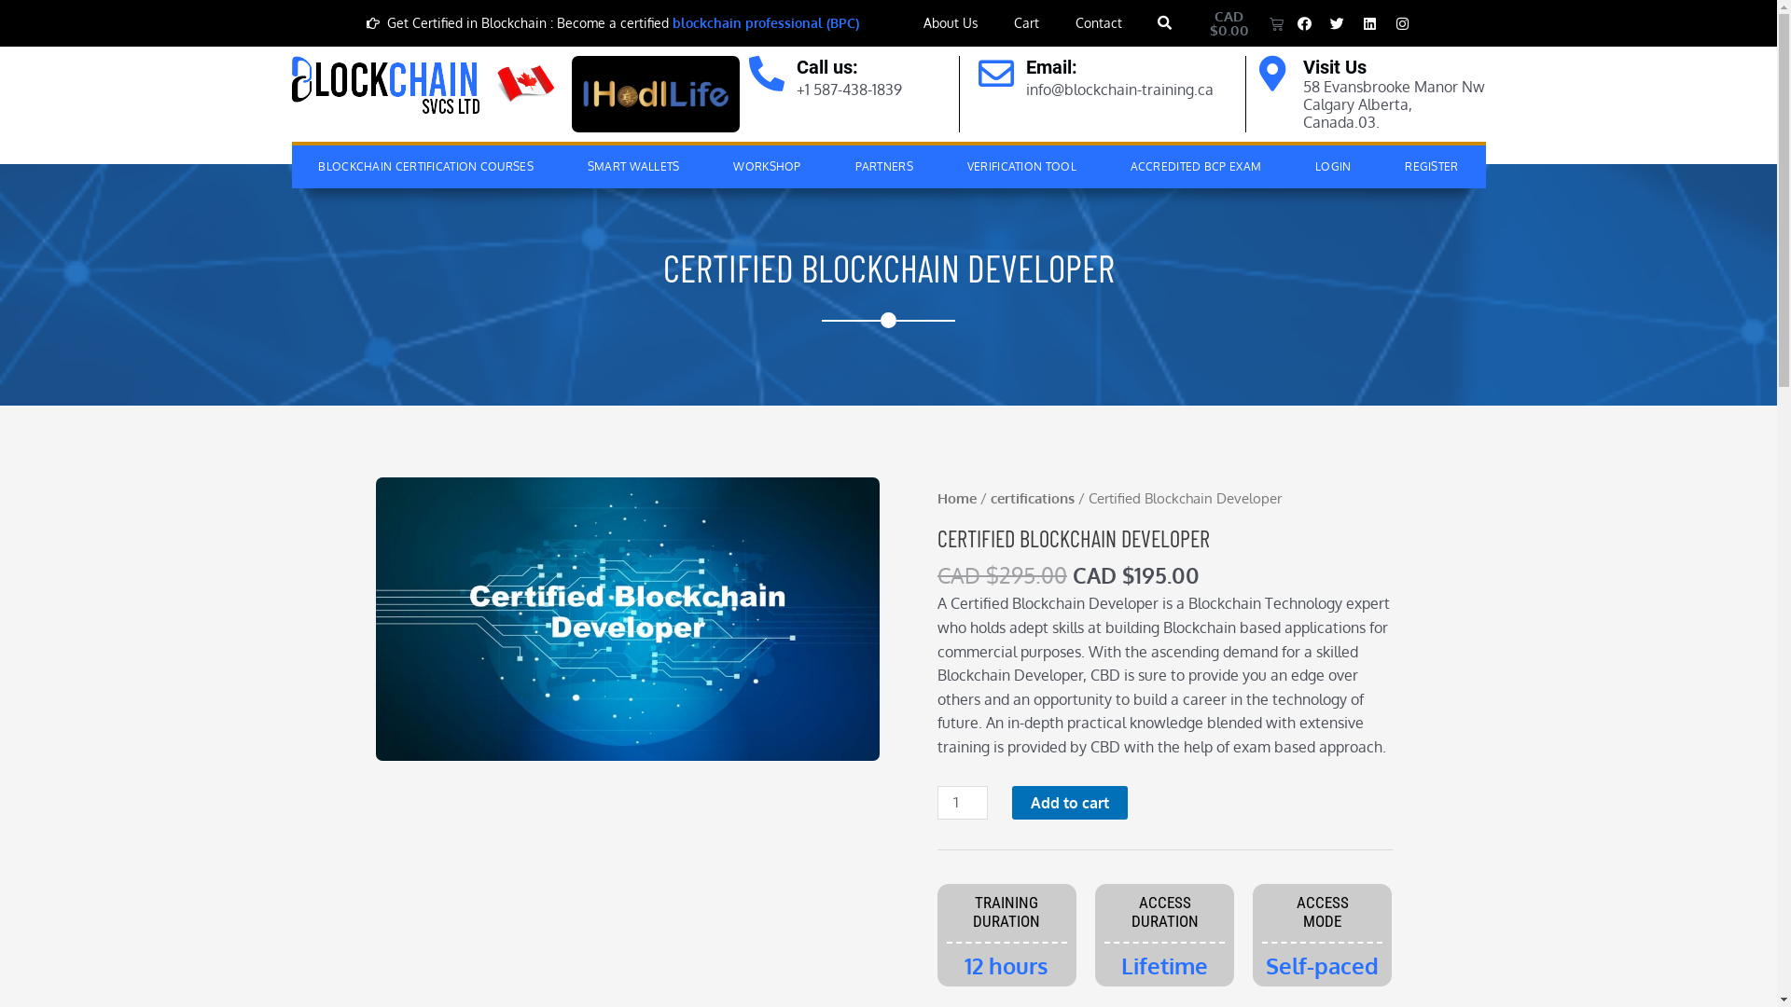 This screenshot has height=1007, width=1791. What do you see at coordinates (1070, 801) in the screenshot?
I see `'Add to cart'` at bounding box center [1070, 801].